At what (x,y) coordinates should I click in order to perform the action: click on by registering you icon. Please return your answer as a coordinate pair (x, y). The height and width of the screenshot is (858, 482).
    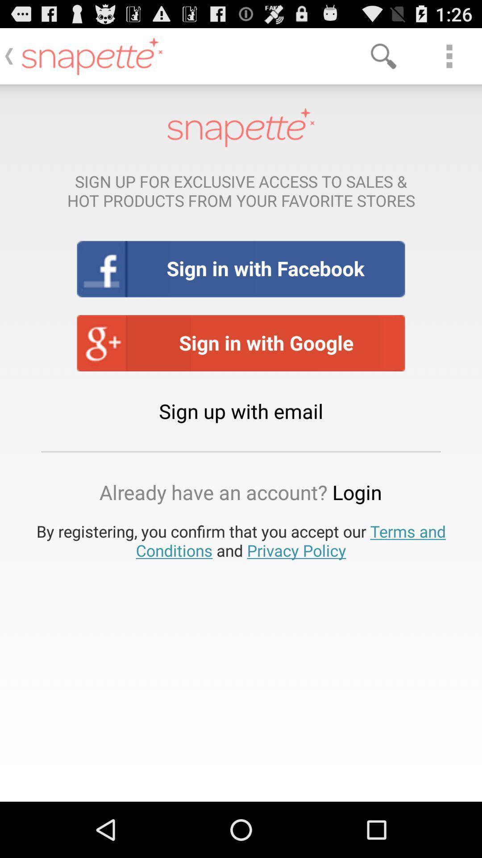
    Looking at the image, I should click on (241, 540).